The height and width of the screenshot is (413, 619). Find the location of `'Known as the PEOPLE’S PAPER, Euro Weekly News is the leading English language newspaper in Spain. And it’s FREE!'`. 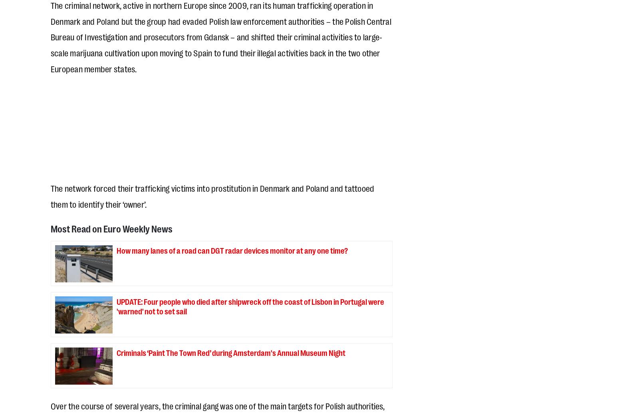

'Known as the PEOPLE’S PAPER, Euro Weekly News is the leading English language newspaper in Spain. And it’s FREE!' is located at coordinates (192, 191).